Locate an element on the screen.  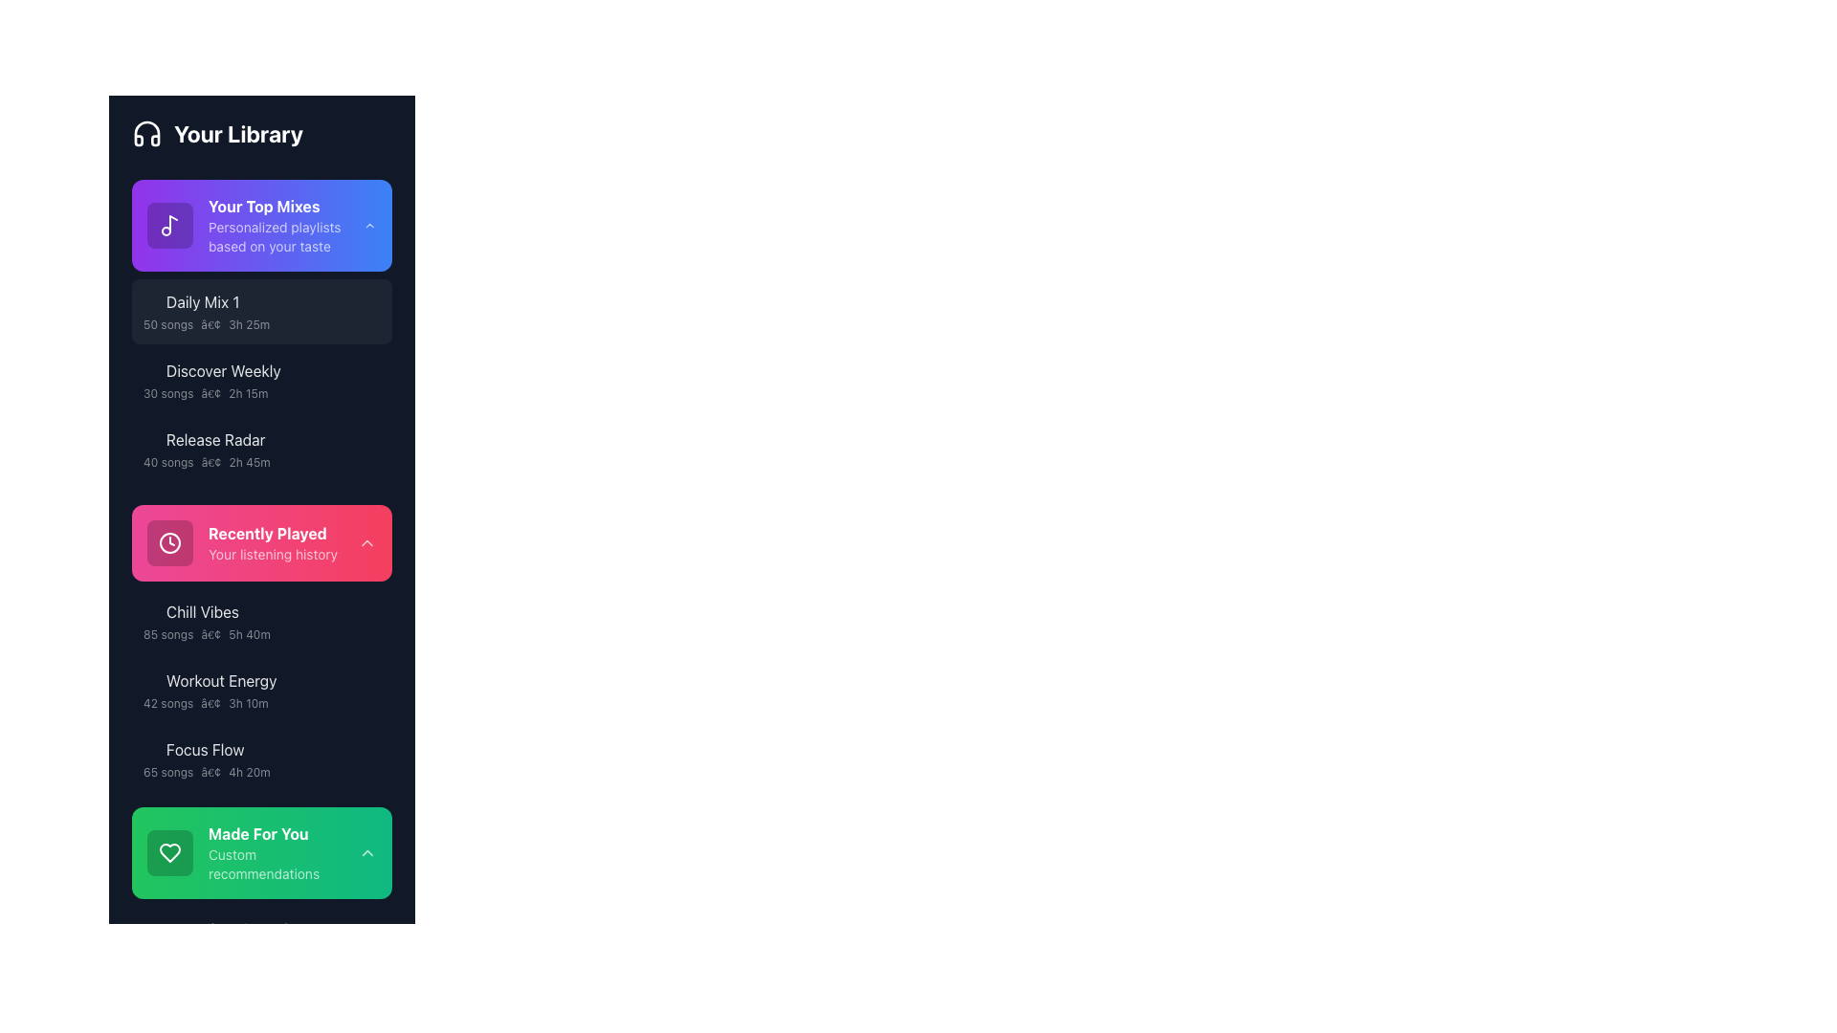
the 'Discover Weekly' text label in the left sidebar under 'Your Library' is located at coordinates (252, 371).